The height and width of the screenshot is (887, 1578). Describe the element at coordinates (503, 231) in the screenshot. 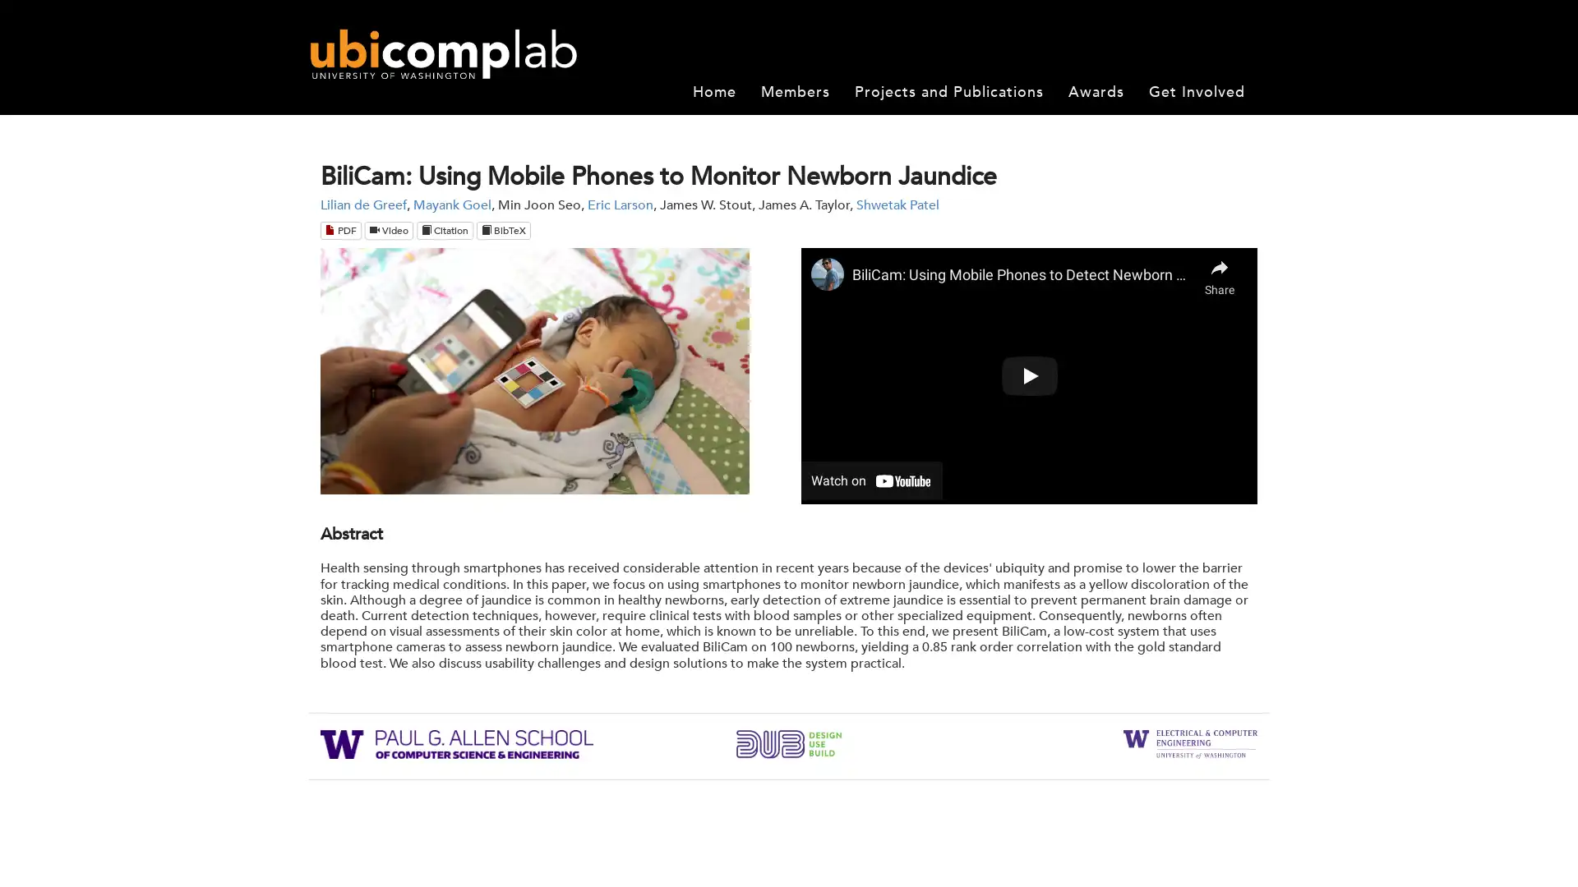

I see `BibTeX` at that location.